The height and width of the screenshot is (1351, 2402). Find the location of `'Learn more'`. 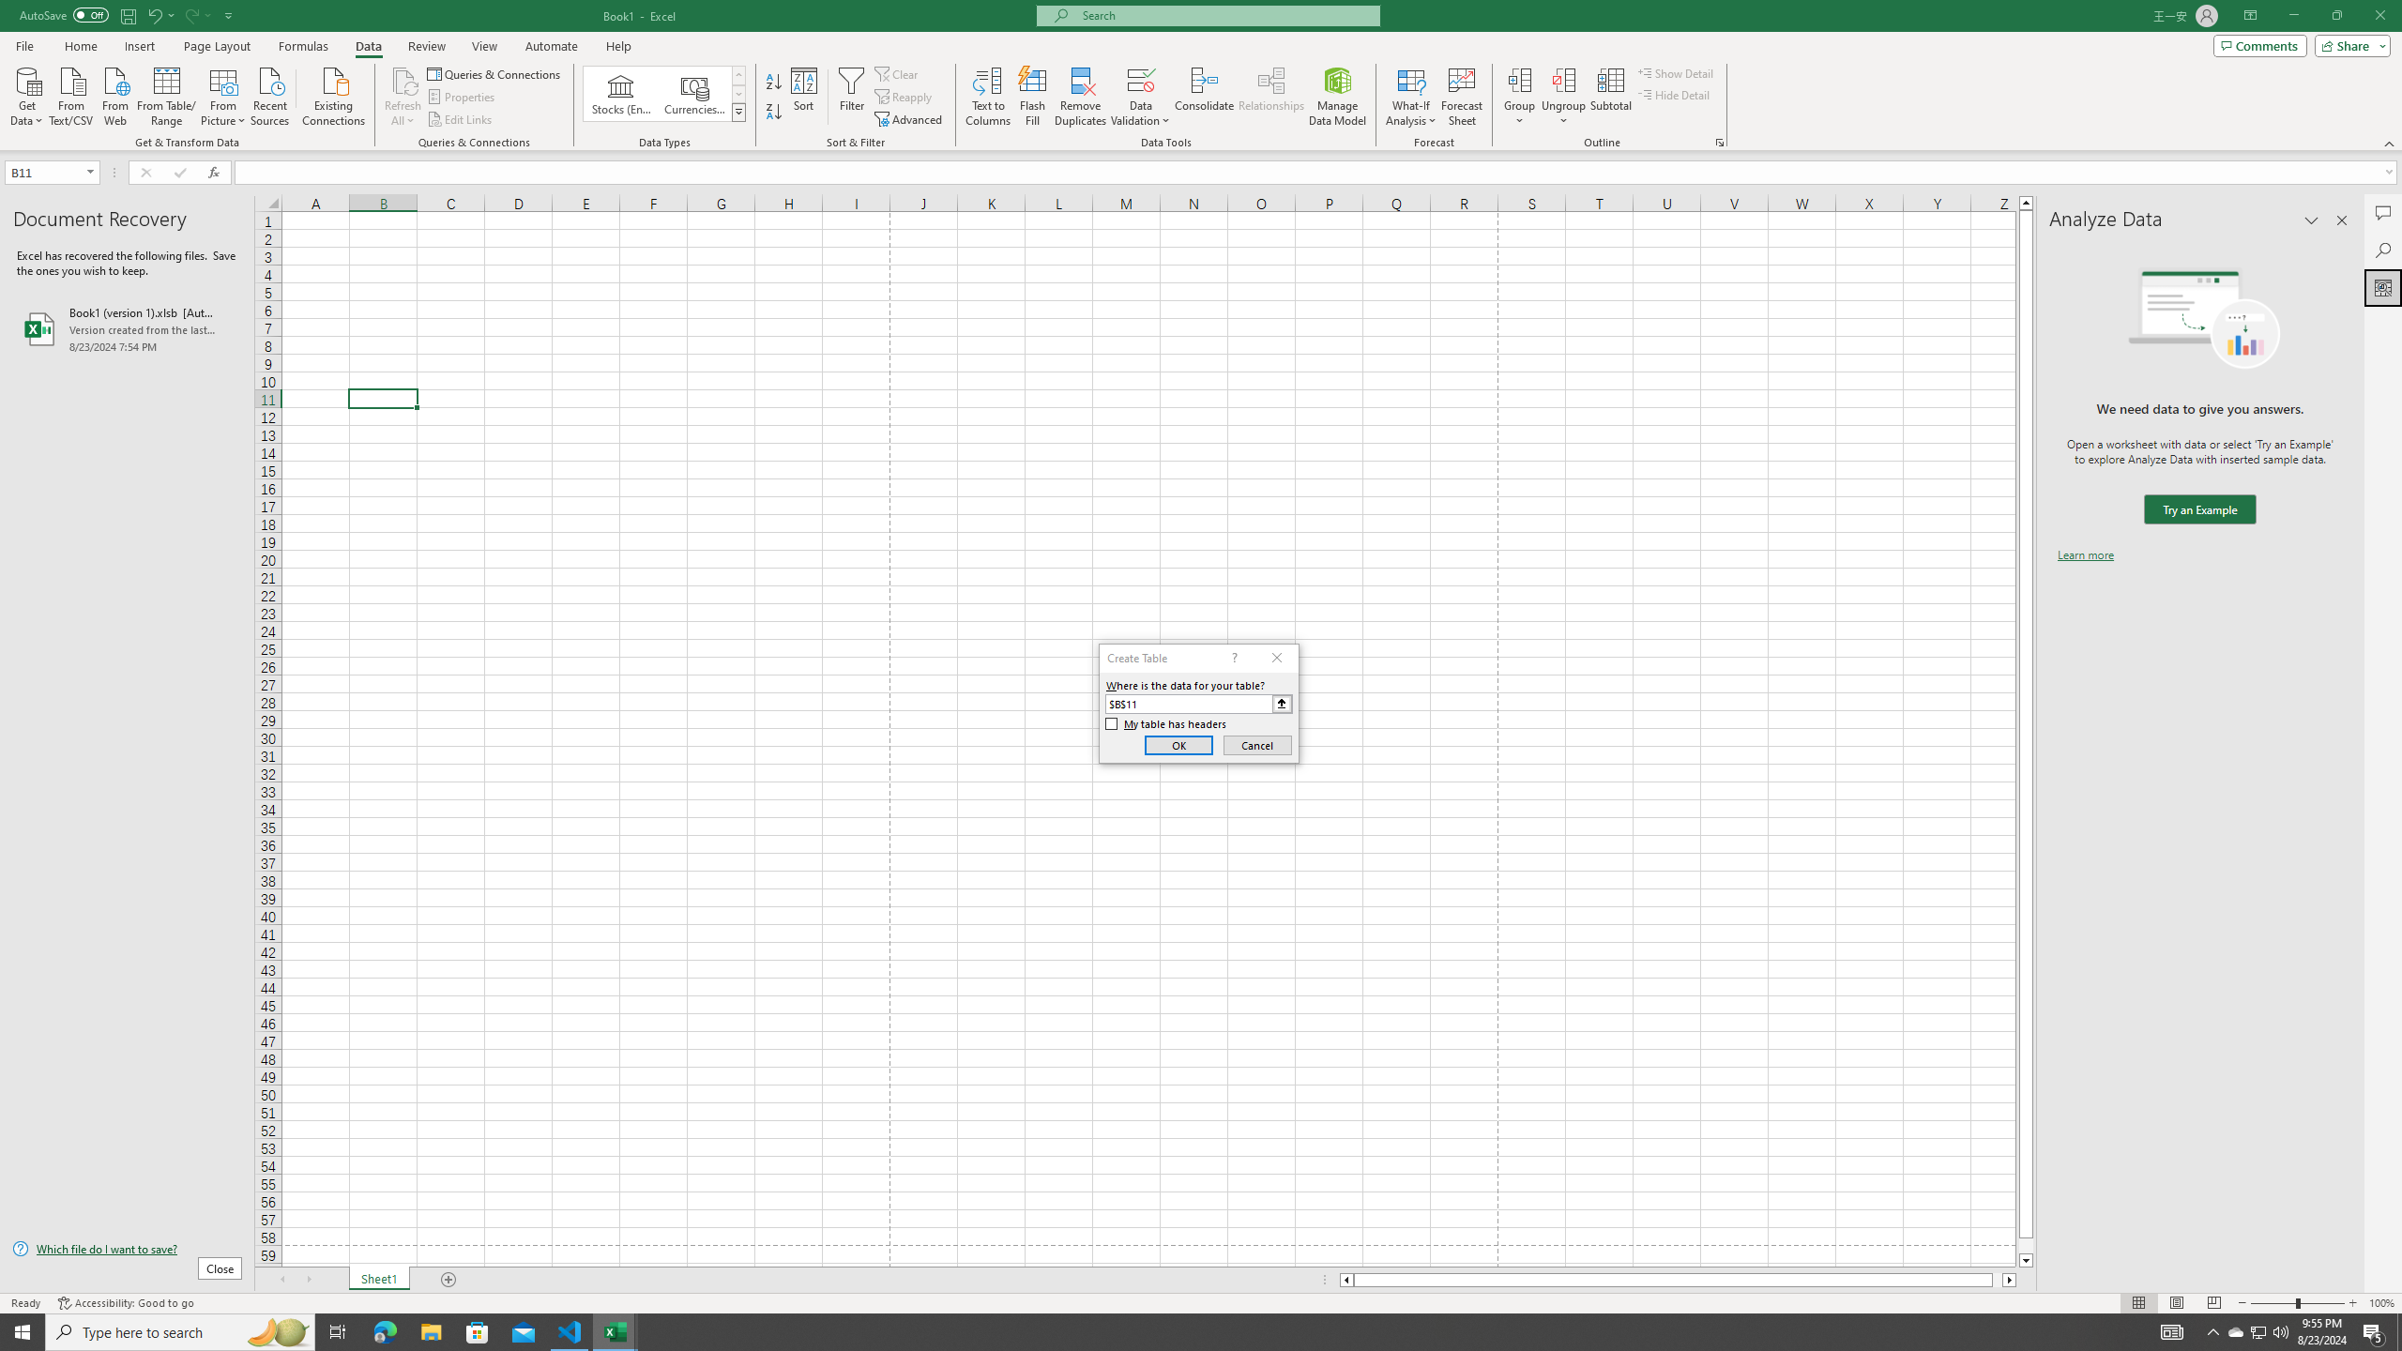

'Learn more' is located at coordinates (2085, 554).